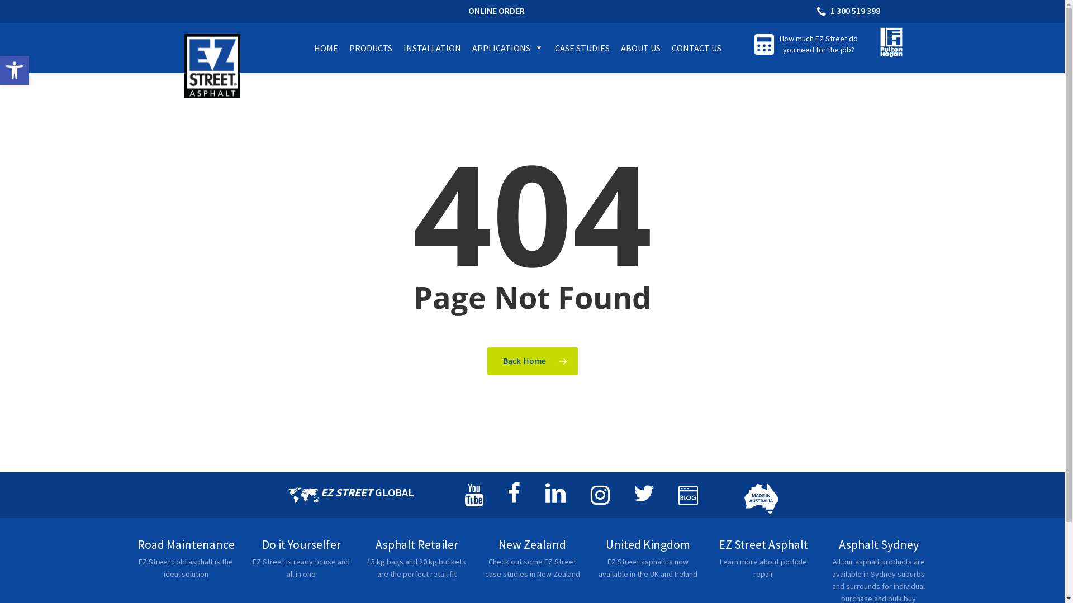  I want to click on 'How much EZ Street do you need for the job?', so click(818, 43).